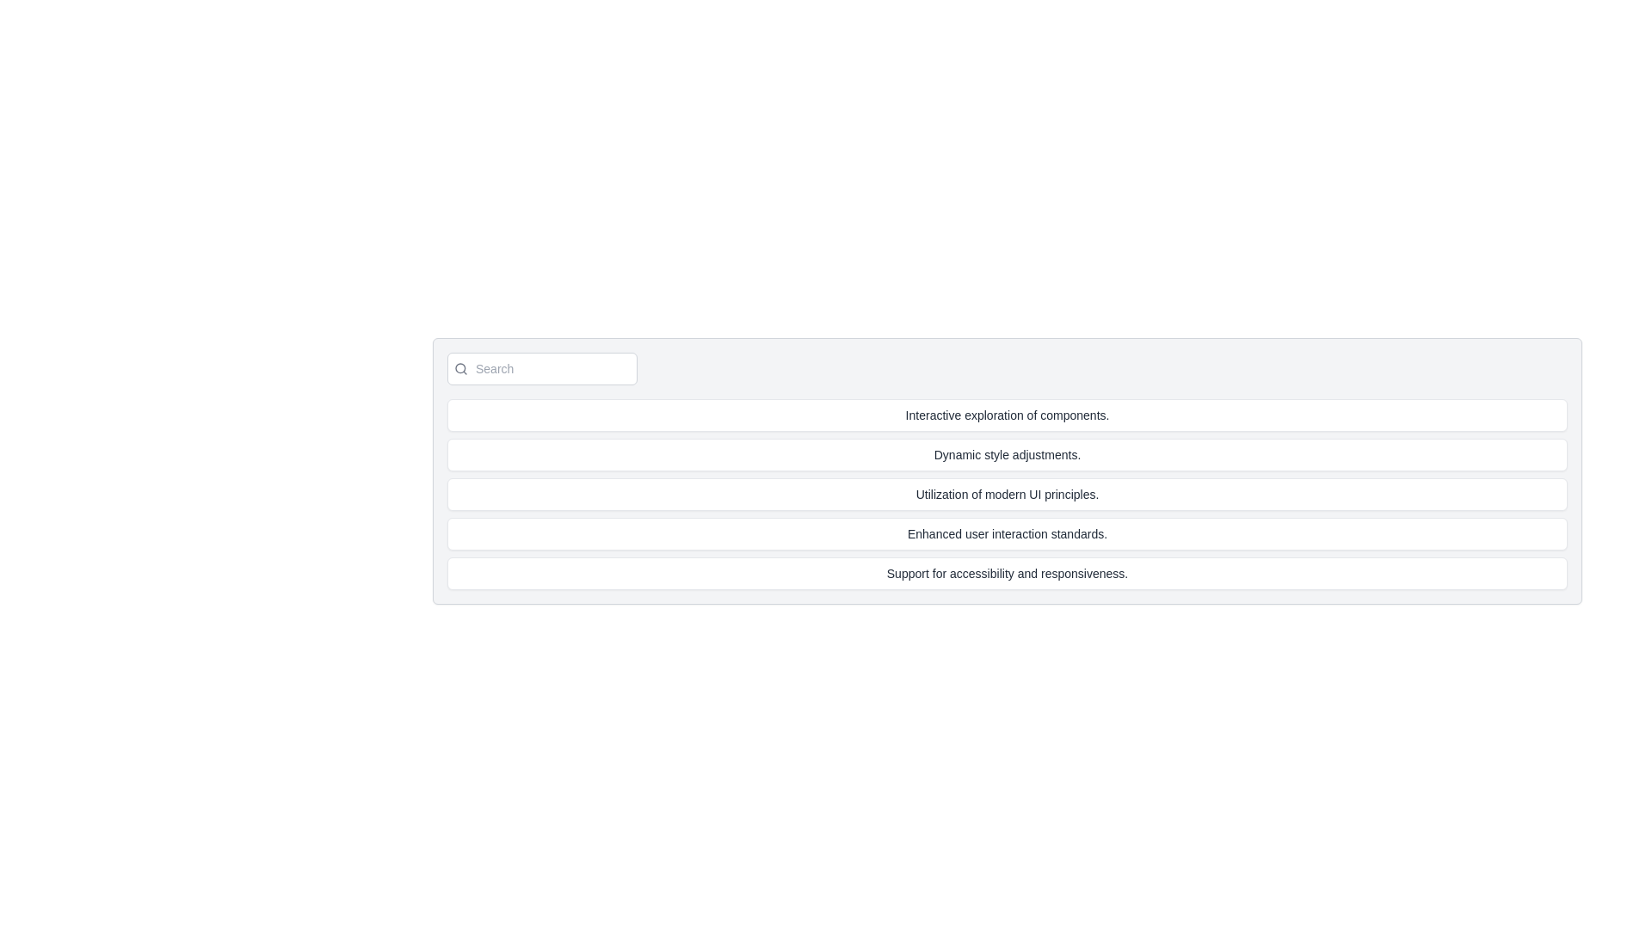 Image resolution: width=1652 pixels, height=929 pixels. Describe the element at coordinates (938, 494) in the screenshot. I see `the lowercase letter 'z' in the word 'Utilization' within the phrase 'Utilization of modern UI principles.'` at that location.